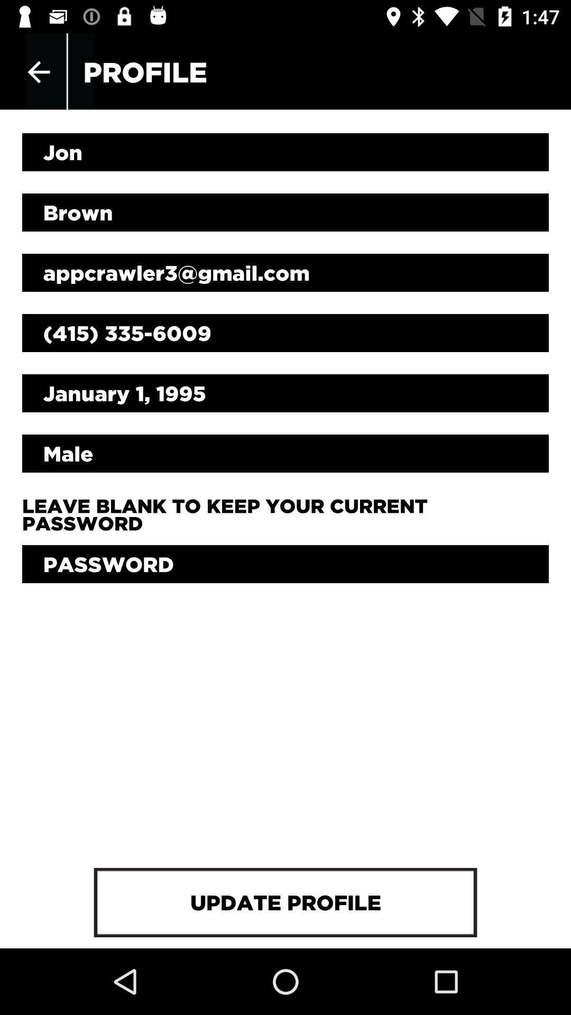 The image size is (571, 1015). Describe the element at coordinates (285, 212) in the screenshot. I see `the item below jon item` at that location.